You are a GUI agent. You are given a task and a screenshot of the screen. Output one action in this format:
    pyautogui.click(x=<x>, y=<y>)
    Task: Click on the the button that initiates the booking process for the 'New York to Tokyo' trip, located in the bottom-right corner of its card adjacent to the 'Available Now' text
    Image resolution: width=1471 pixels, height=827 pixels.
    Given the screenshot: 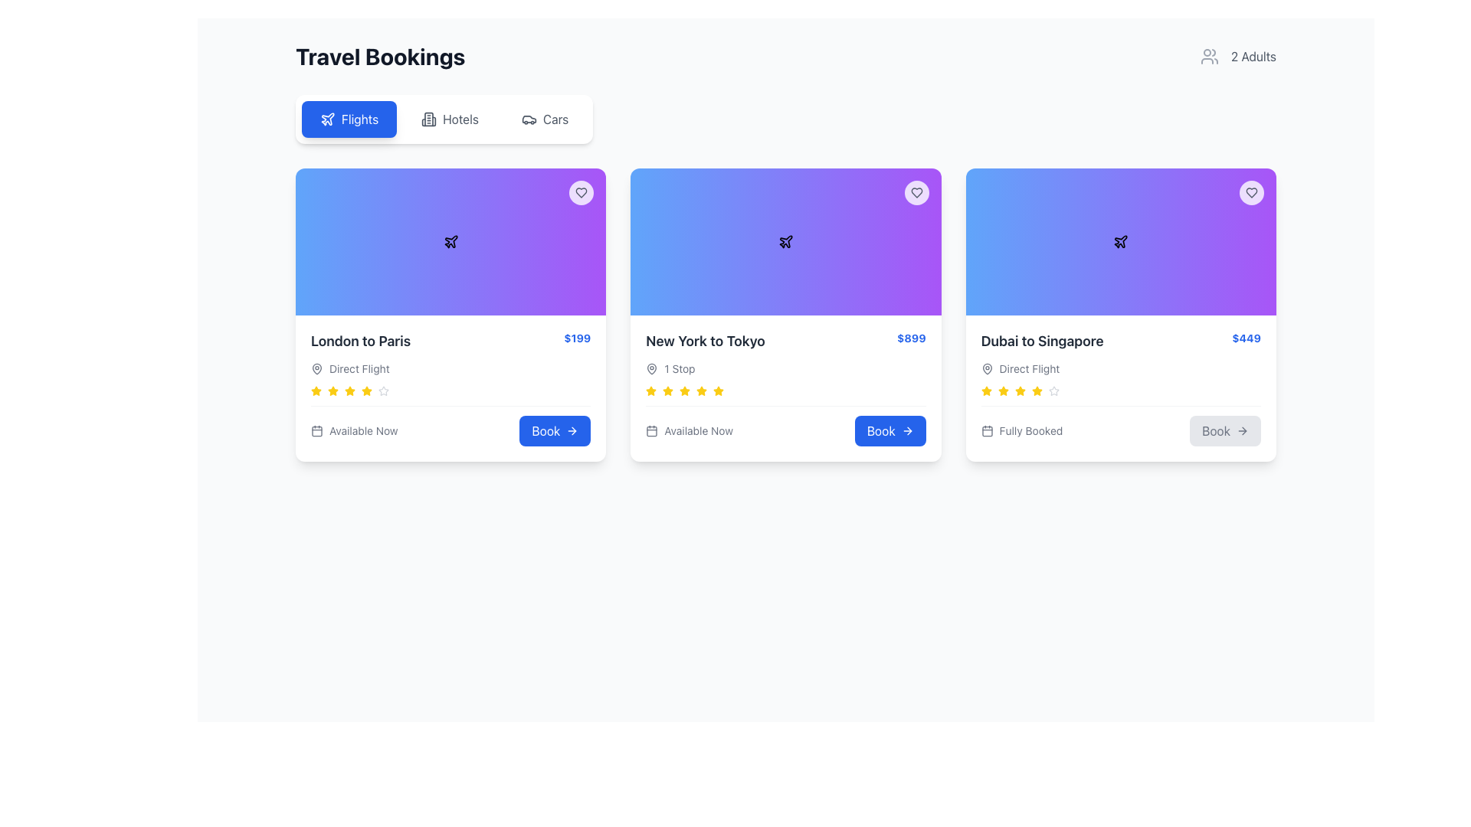 What is the action you would take?
    pyautogui.click(x=890, y=431)
    